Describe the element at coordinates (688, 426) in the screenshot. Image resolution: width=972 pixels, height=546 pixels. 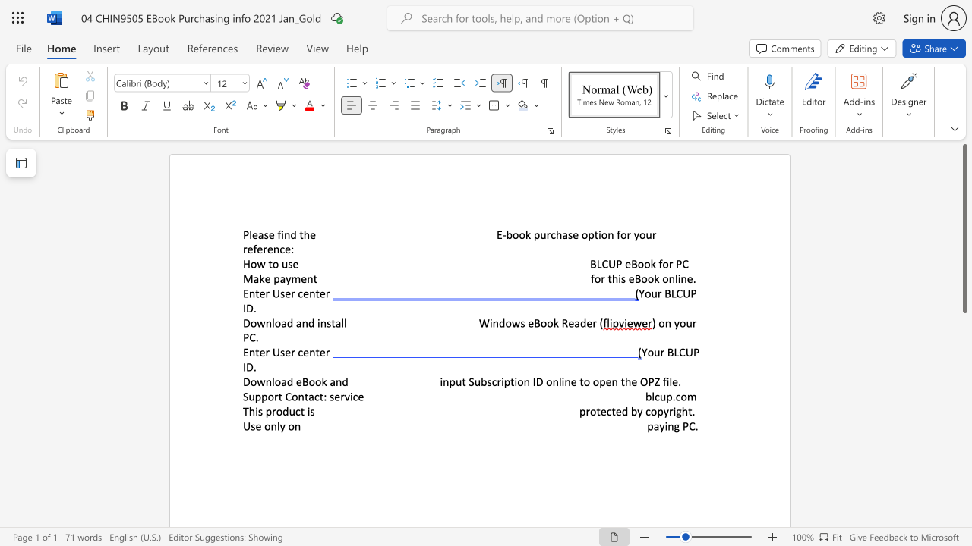
I see `the subset text "C." within the text "paying PC."` at that location.